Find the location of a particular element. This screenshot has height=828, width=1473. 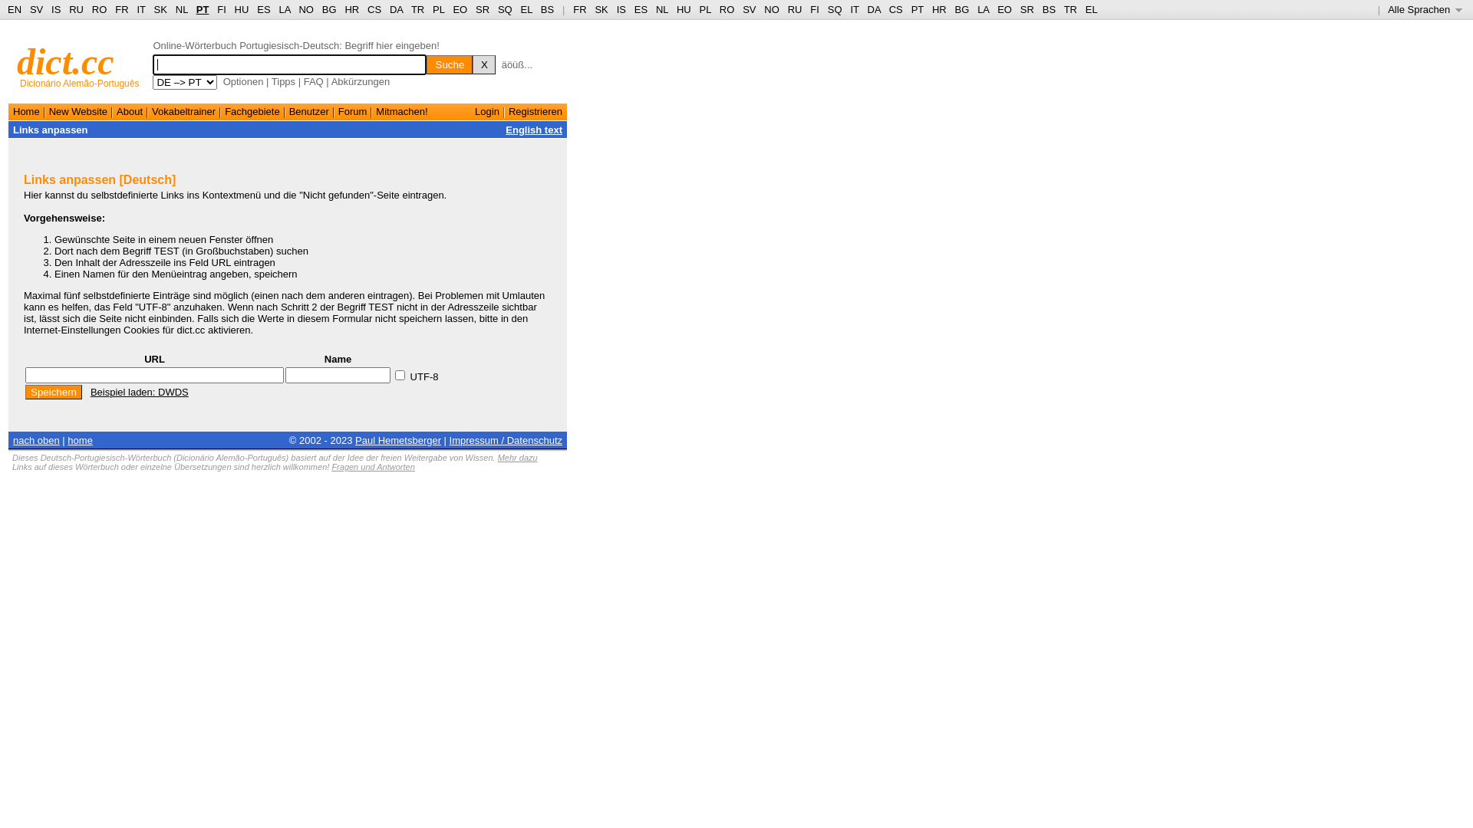

'NL' is located at coordinates (655, 9).